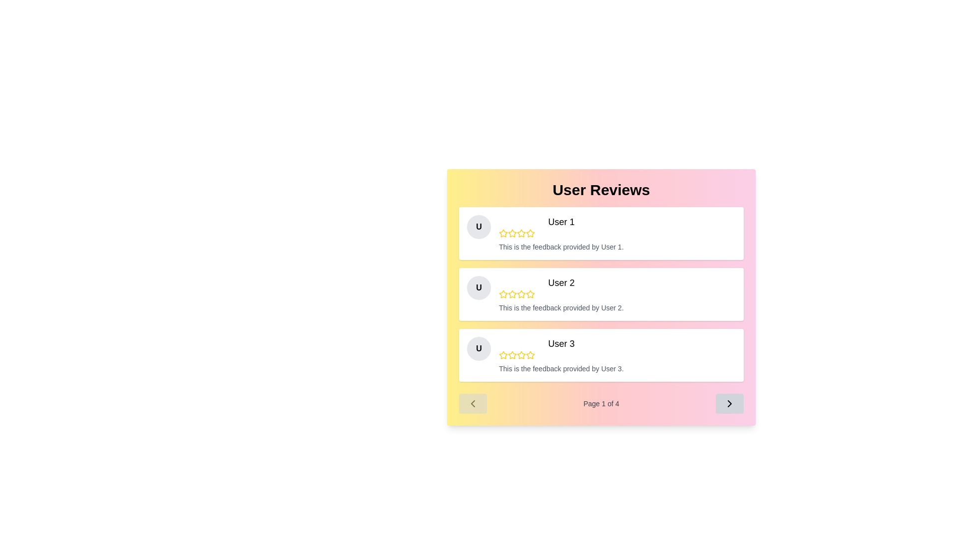 The image size is (959, 539). What do you see at coordinates (601, 355) in the screenshot?
I see `feedback card component containing the user avatar 'U', username 'User 3', star rating, and feedback text, positioned as the third card in the vertical list` at bounding box center [601, 355].